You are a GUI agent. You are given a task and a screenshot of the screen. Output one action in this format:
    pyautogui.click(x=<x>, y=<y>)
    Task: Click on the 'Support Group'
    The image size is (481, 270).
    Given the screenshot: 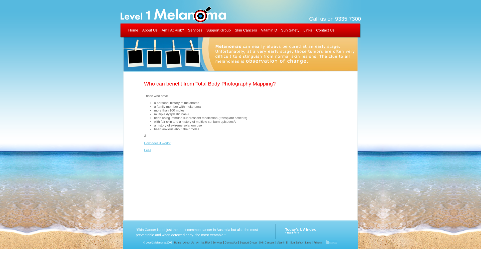 What is the action you would take?
    pyautogui.click(x=248, y=242)
    